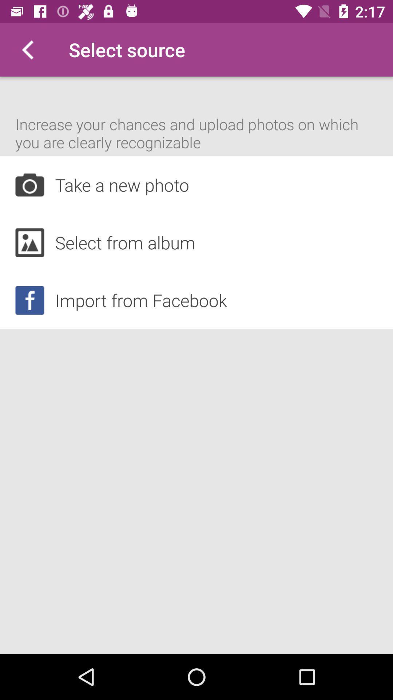 This screenshot has height=700, width=393. Describe the element at coordinates (26, 49) in the screenshot. I see `go back` at that location.